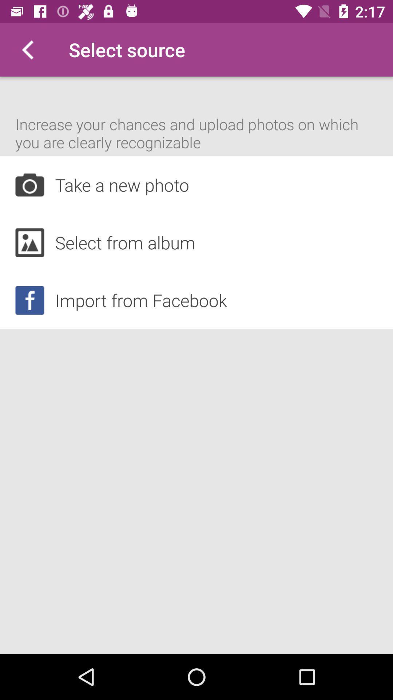 This screenshot has height=700, width=393. Describe the element at coordinates (26, 49) in the screenshot. I see `go back` at that location.